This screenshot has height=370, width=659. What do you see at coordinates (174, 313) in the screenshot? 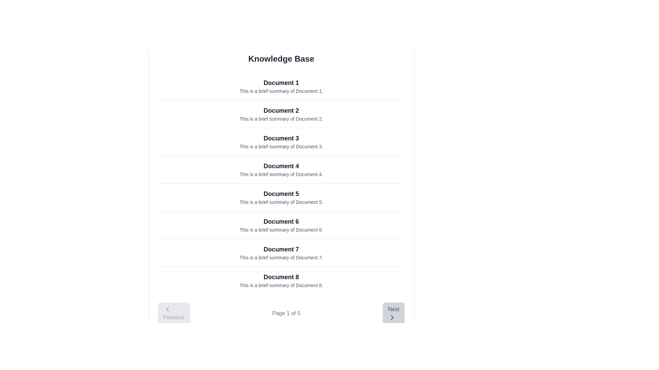
I see `the 'Previous' button located at the bottom-left section of the navigation bar` at bounding box center [174, 313].